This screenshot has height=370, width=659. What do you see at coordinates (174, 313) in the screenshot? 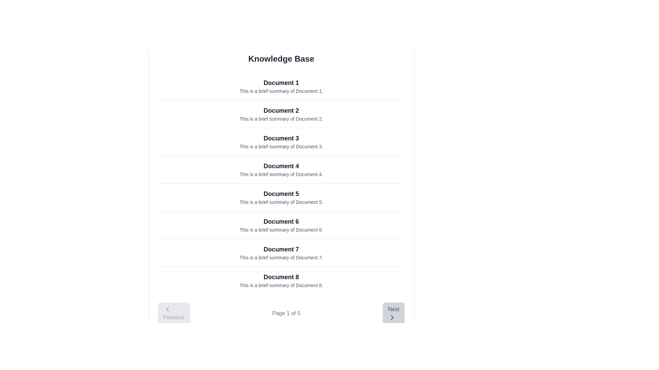
I see `the 'Previous' button located at the bottom-left section of the navigation bar` at bounding box center [174, 313].